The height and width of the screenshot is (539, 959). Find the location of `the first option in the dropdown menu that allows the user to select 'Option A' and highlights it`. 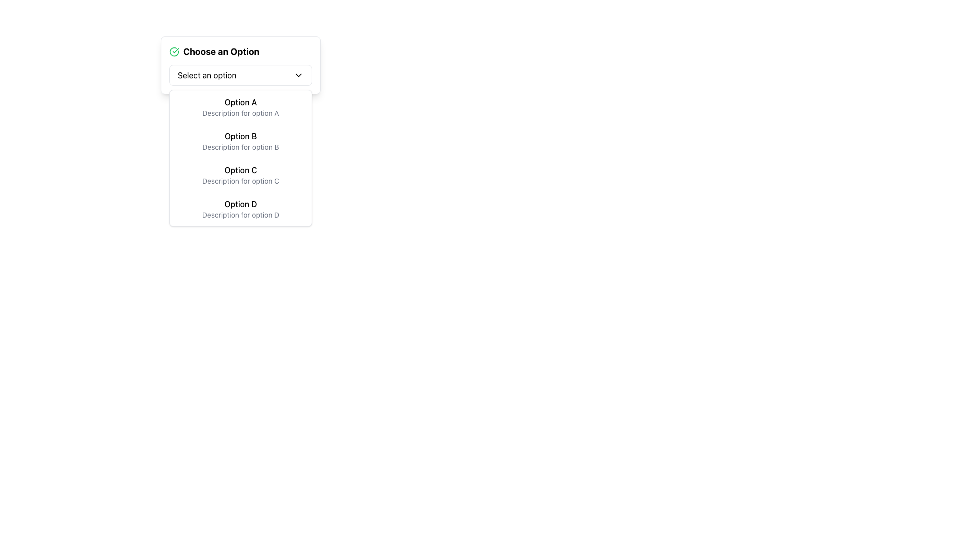

the first option in the dropdown menu that allows the user to select 'Option A' and highlights it is located at coordinates (240, 107).